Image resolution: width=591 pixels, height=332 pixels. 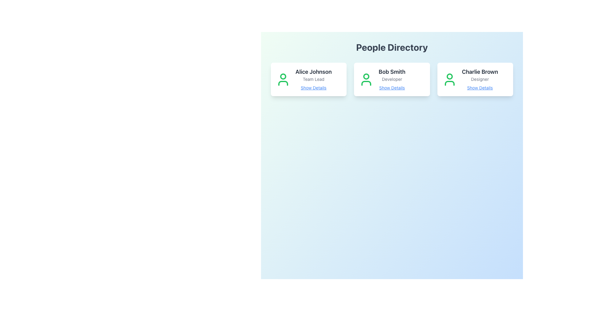 I want to click on the Text Label indicating 'Team Lead' which is positioned below 'Alice Johnson' and above 'Show Details', so click(x=313, y=79).